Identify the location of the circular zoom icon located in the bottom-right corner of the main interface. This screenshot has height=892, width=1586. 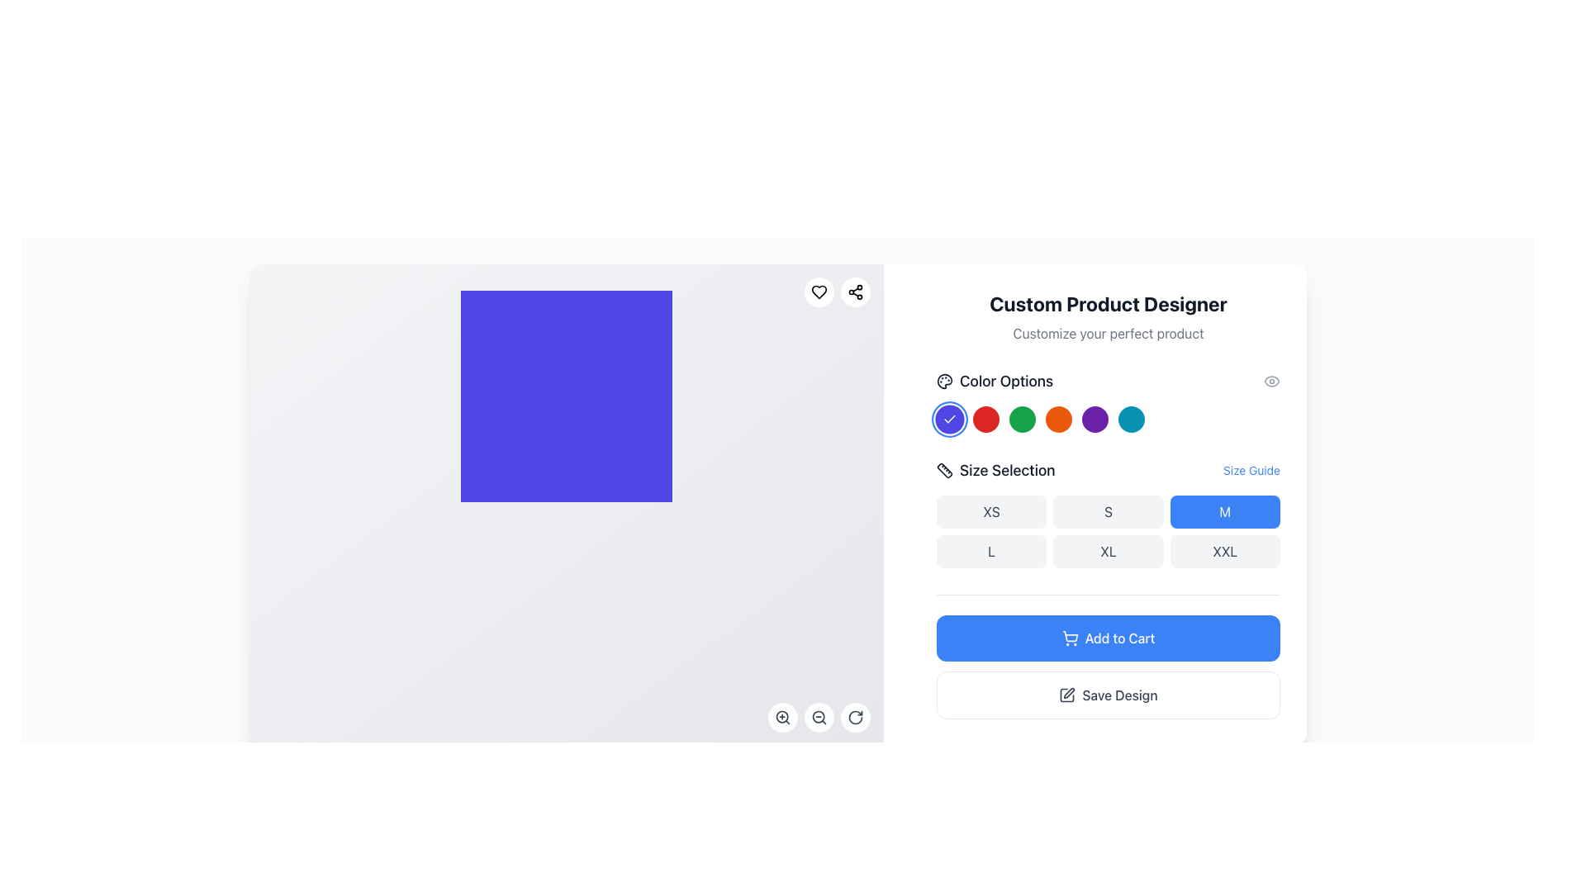
(781, 715).